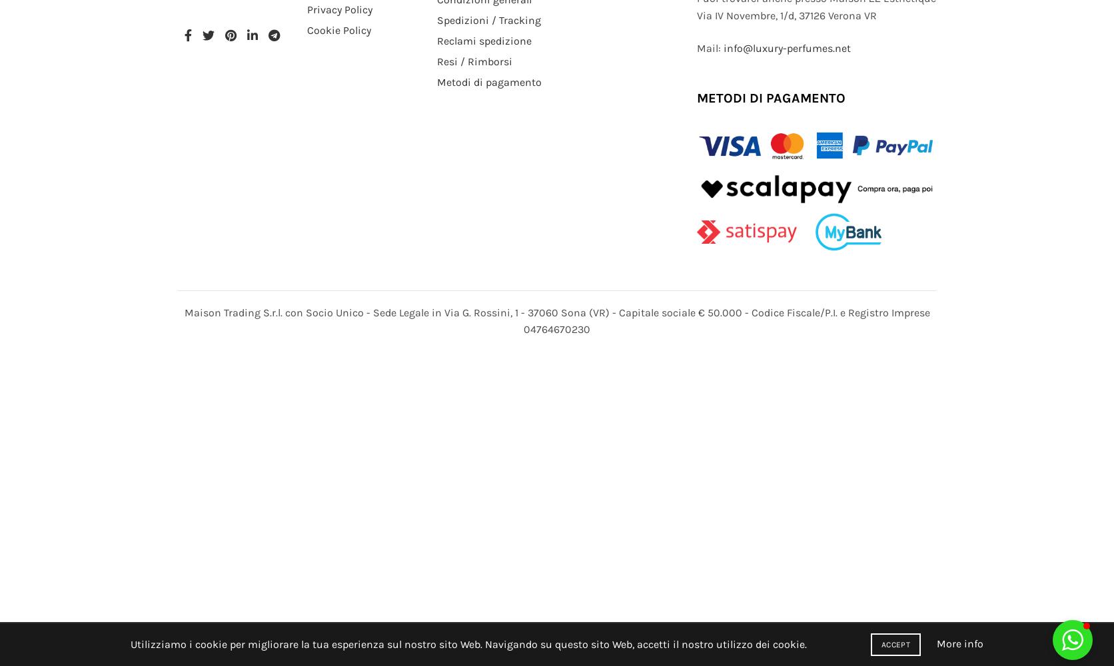  I want to click on 'Maison Trading S.r.l. con Socio Unico - Sede Legale in Via G. Rossini, 1 - 37060 Sona (VR) - Capitale sociale € 50.000 - Codice Fiscale/P.I. e Registro Imprese 04764670230', so click(556, 320).